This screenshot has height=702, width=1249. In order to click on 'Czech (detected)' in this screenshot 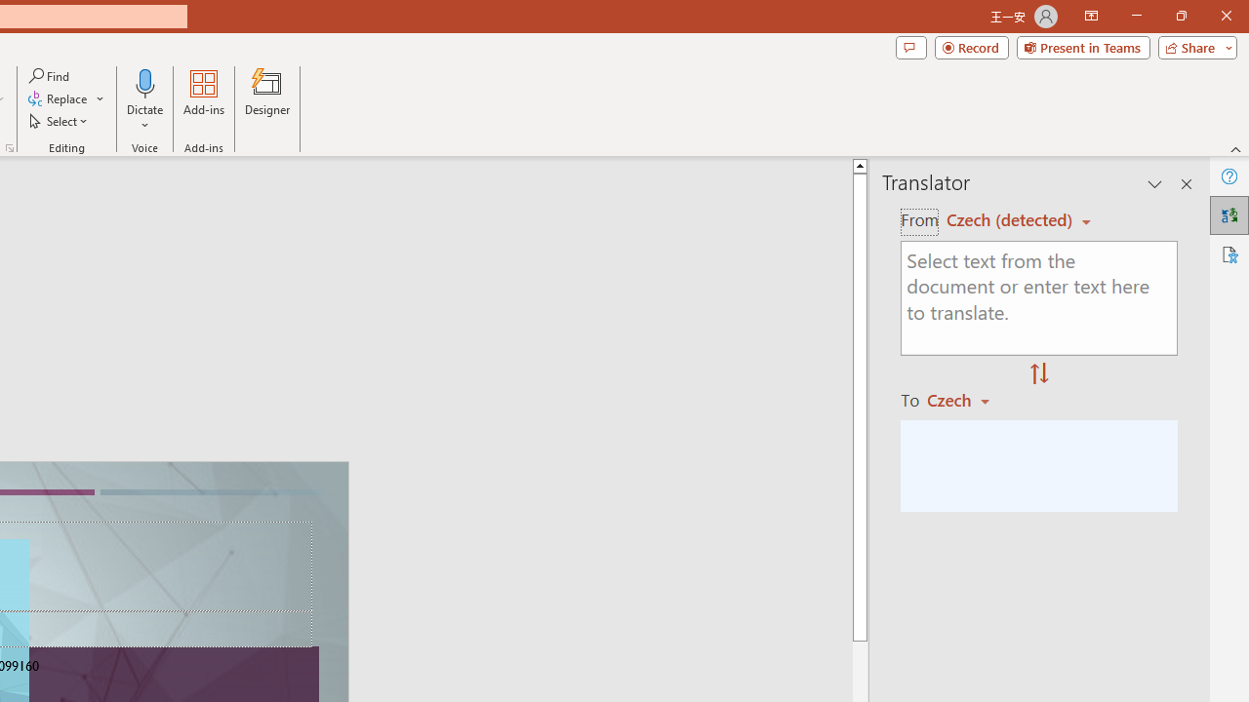, I will do `click(1012, 219)`.